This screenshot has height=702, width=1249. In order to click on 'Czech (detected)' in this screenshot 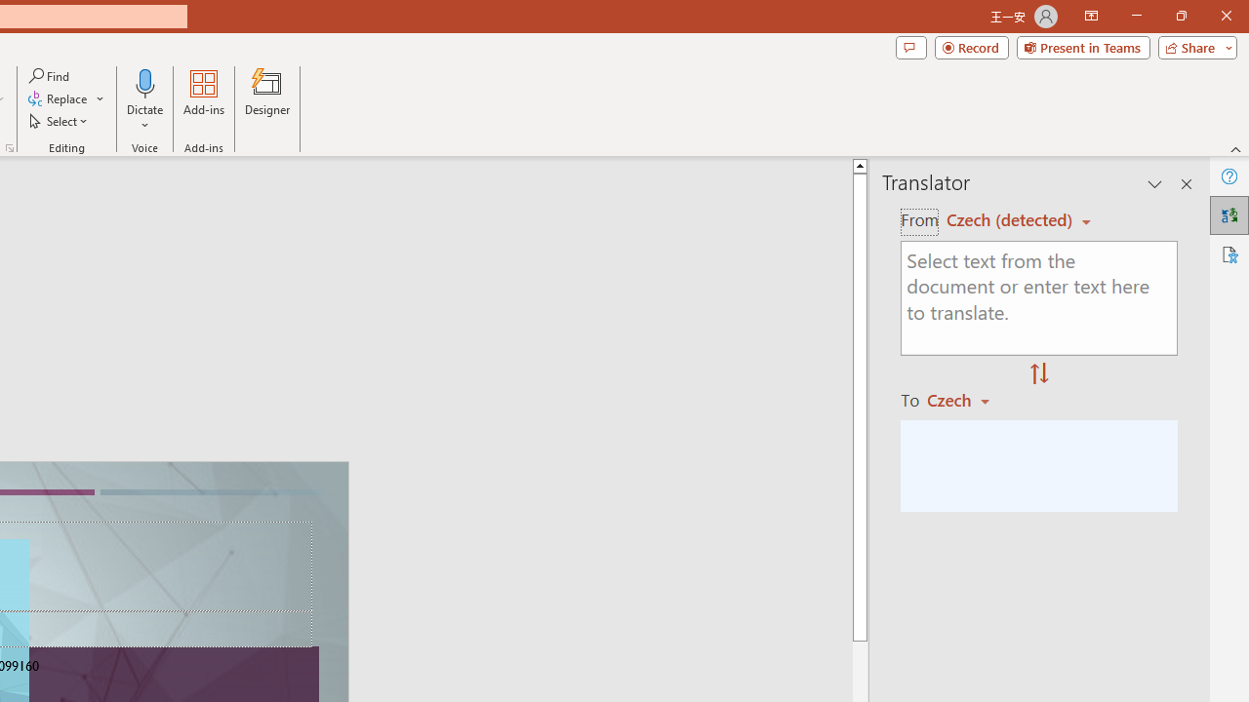, I will do `click(1012, 219)`.